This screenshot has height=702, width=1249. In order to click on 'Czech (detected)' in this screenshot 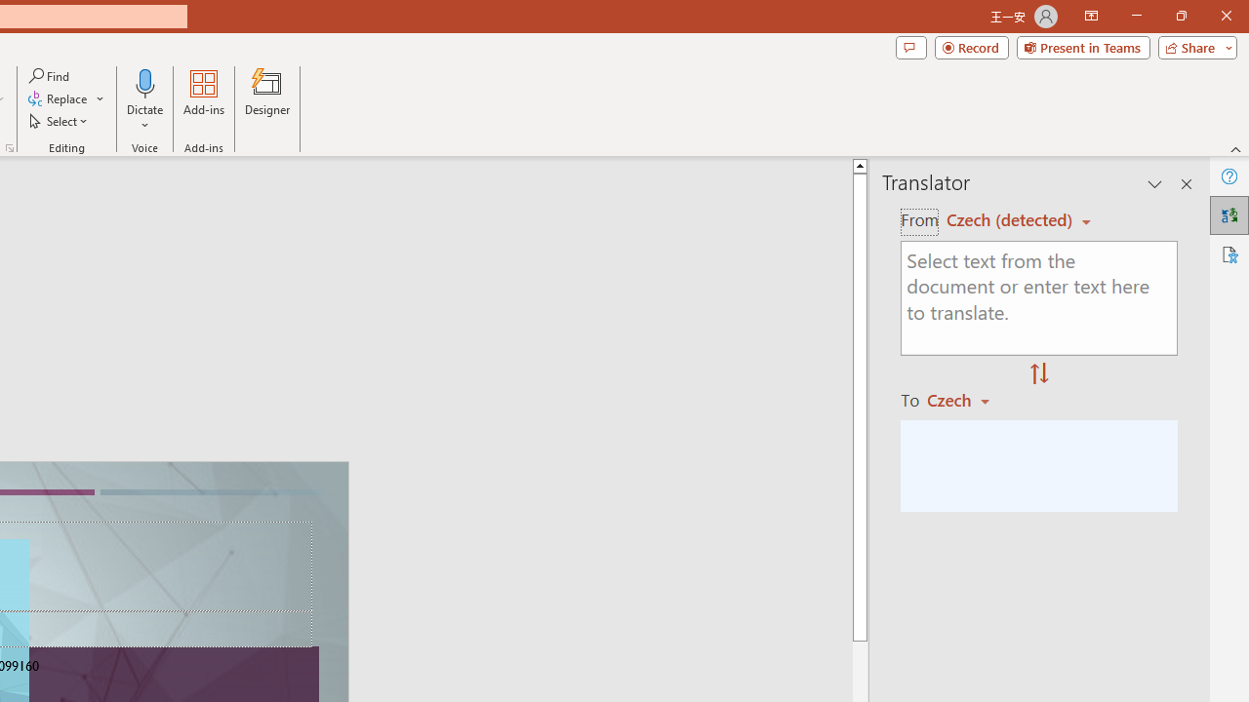, I will do `click(1012, 219)`.